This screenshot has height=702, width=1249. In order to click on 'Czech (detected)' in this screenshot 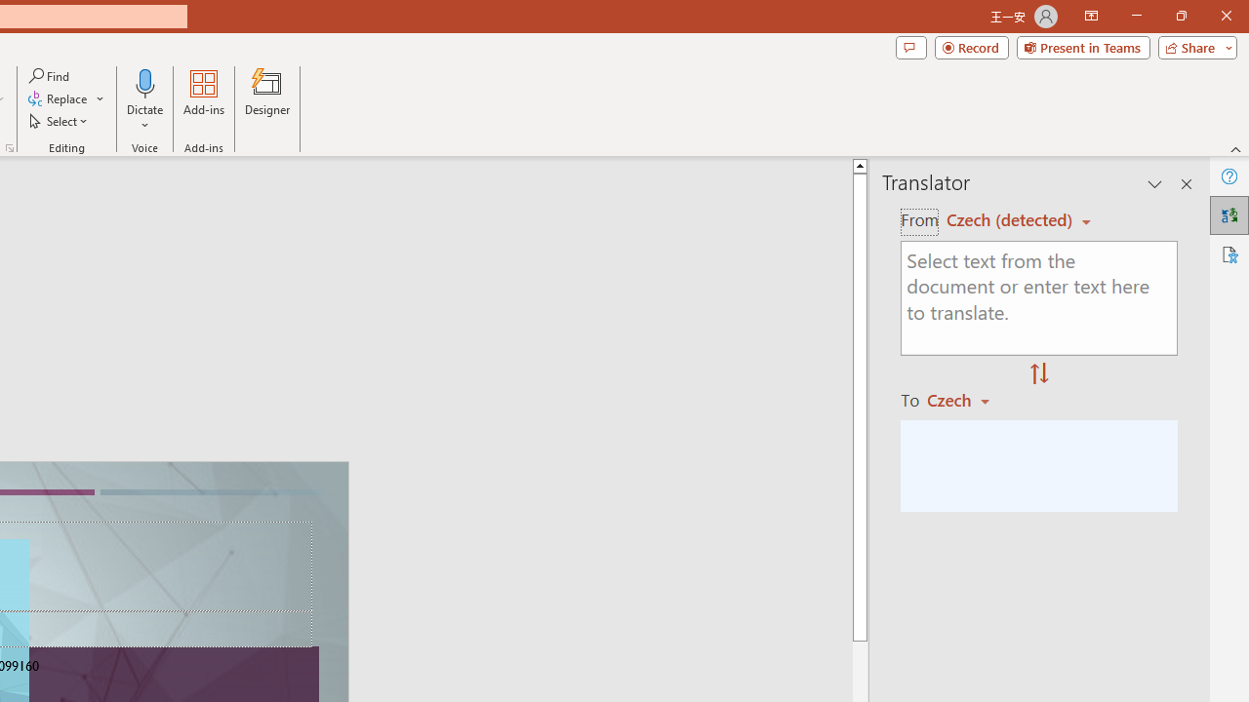, I will do `click(1012, 219)`.